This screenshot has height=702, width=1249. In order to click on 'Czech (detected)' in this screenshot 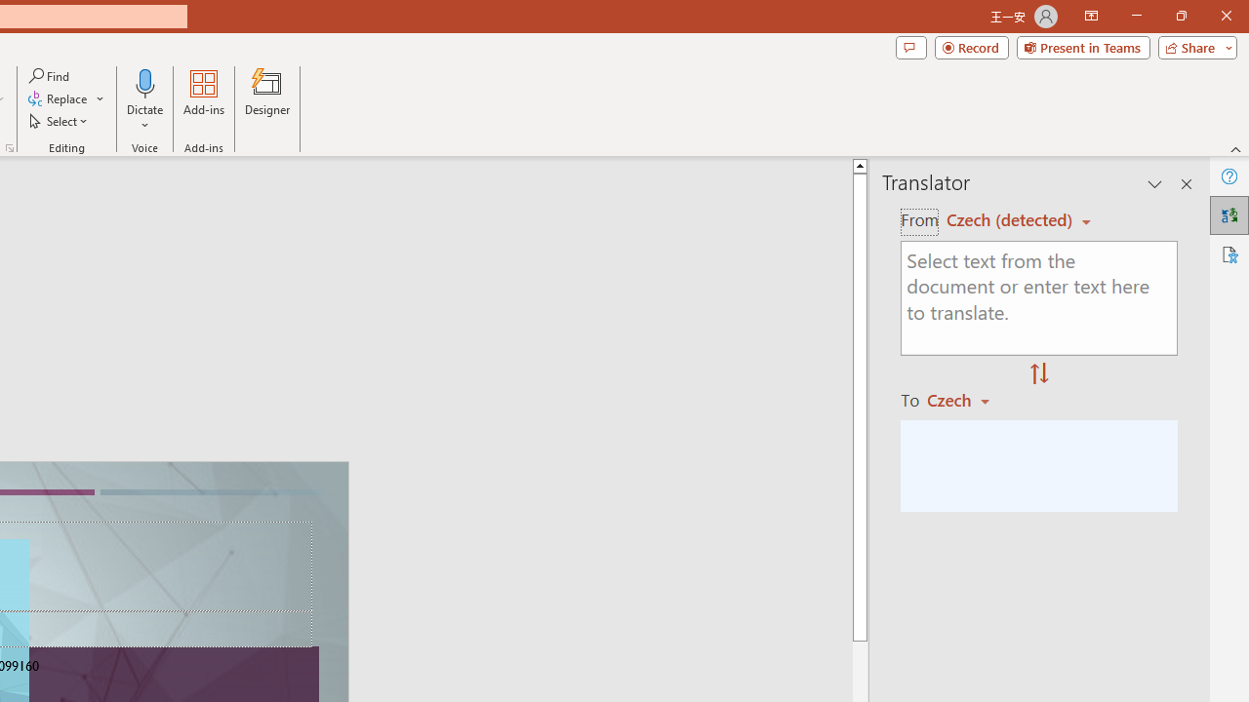, I will do `click(1012, 219)`.